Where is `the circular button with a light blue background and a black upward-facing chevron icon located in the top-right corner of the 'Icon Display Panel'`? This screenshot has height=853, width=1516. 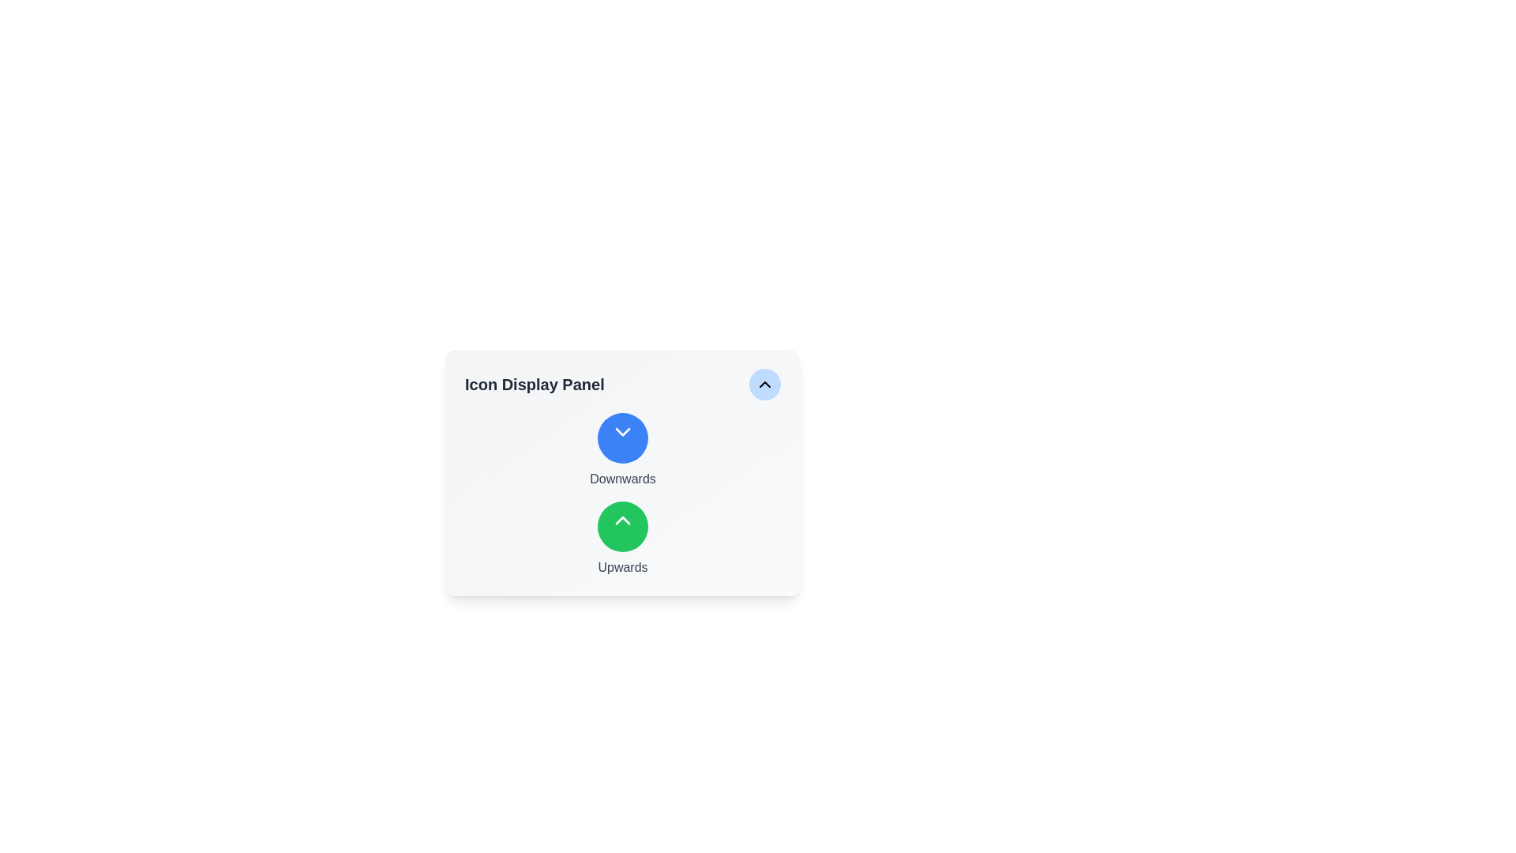 the circular button with a light blue background and a black upward-facing chevron icon located in the top-right corner of the 'Icon Display Panel' is located at coordinates (765, 384).